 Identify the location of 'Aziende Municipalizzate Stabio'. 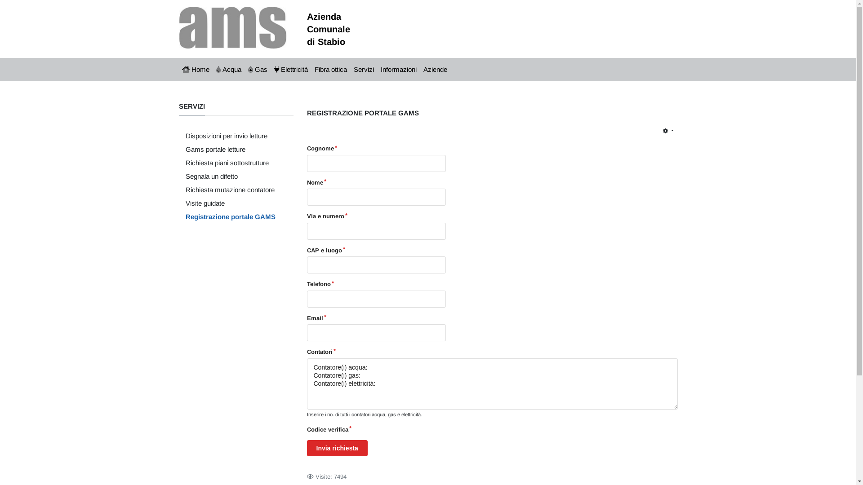
(233, 26).